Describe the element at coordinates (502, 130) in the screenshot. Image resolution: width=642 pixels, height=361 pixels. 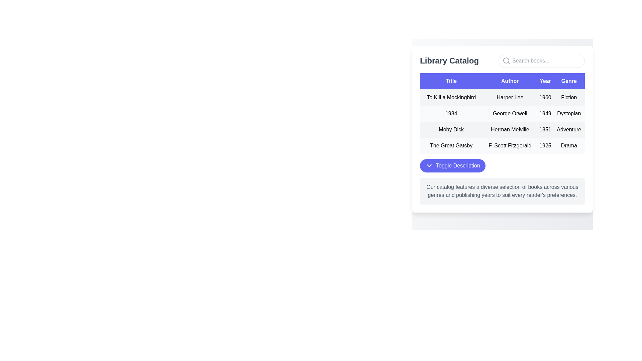
I see `the table row containing the book information for 'Moby Dick' by Herman Melville, which is the third row in the 'Library Catalog' section of the data table` at that location.